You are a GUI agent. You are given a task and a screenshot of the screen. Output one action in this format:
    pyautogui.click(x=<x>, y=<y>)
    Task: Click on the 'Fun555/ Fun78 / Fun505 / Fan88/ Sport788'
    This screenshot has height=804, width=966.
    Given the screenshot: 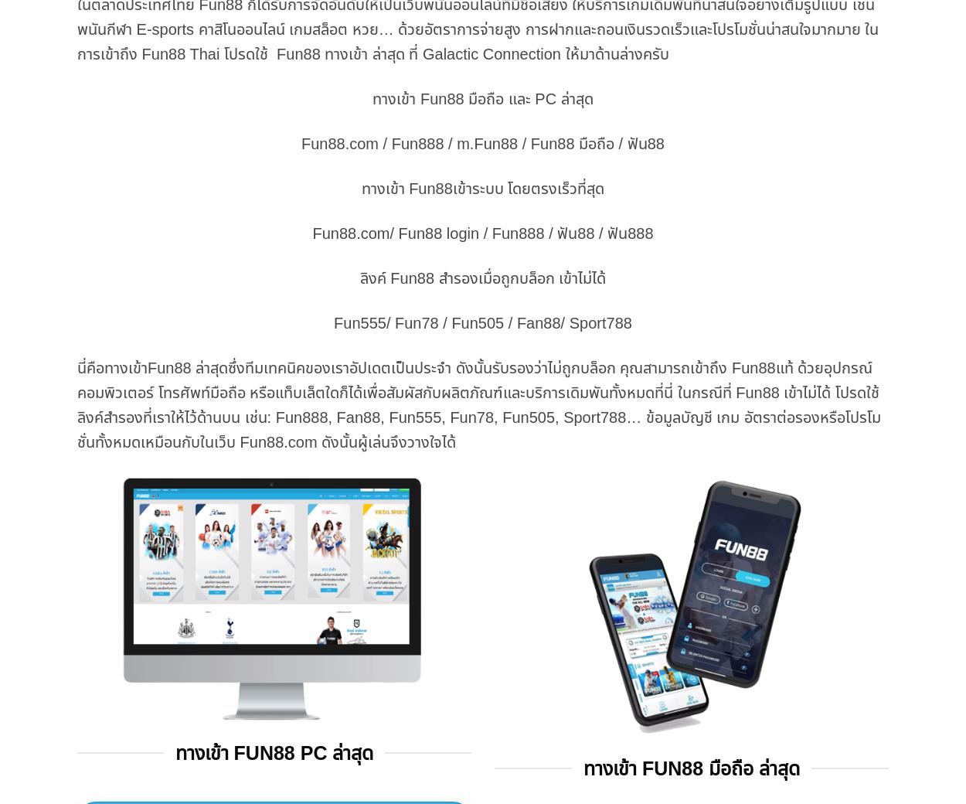 What is the action you would take?
    pyautogui.click(x=481, y=322)
    